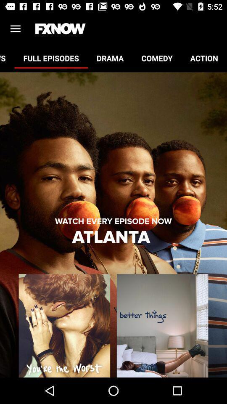 The width and height of the screenshot is (227, 404). Describe the element at coordinates (7, 58) in the screenshot. I see `all shows item` at that location.